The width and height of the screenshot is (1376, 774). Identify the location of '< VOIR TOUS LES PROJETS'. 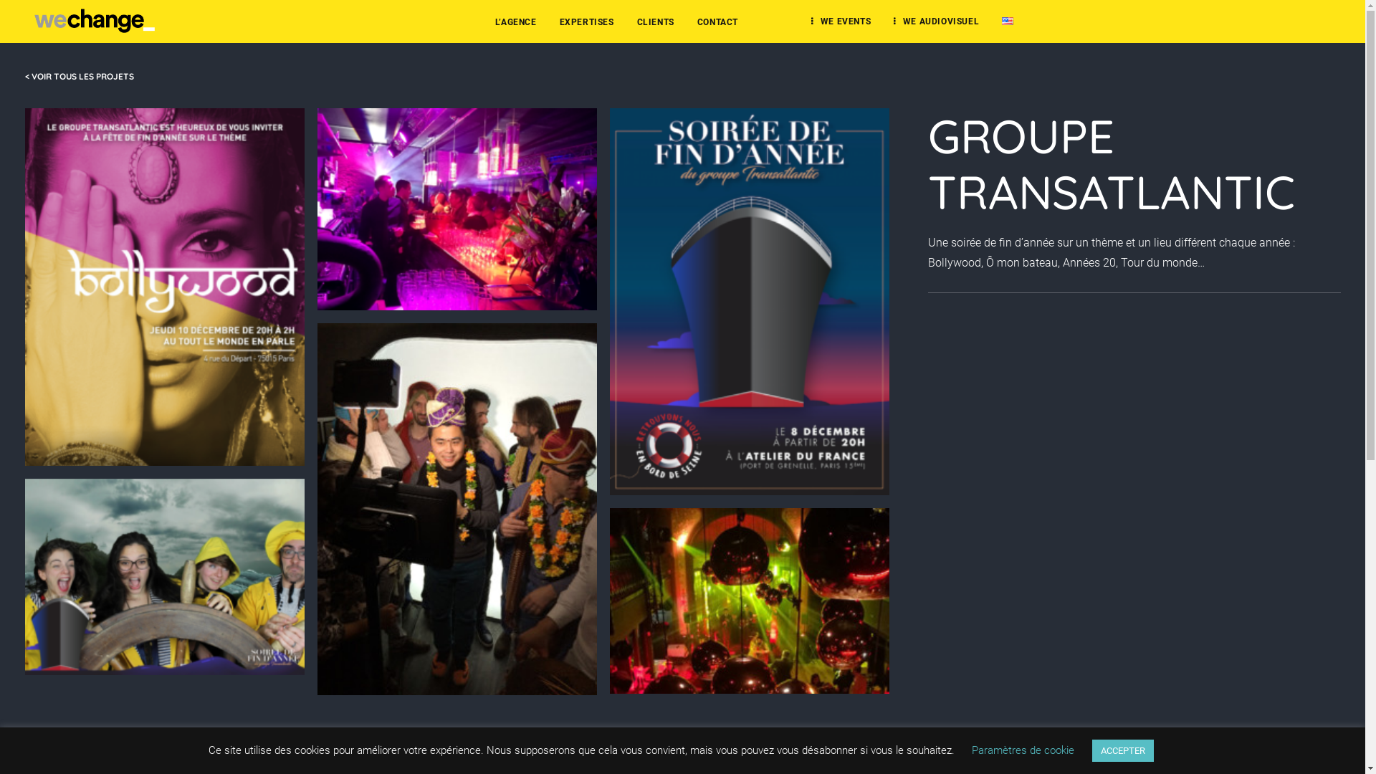
(78, 76).